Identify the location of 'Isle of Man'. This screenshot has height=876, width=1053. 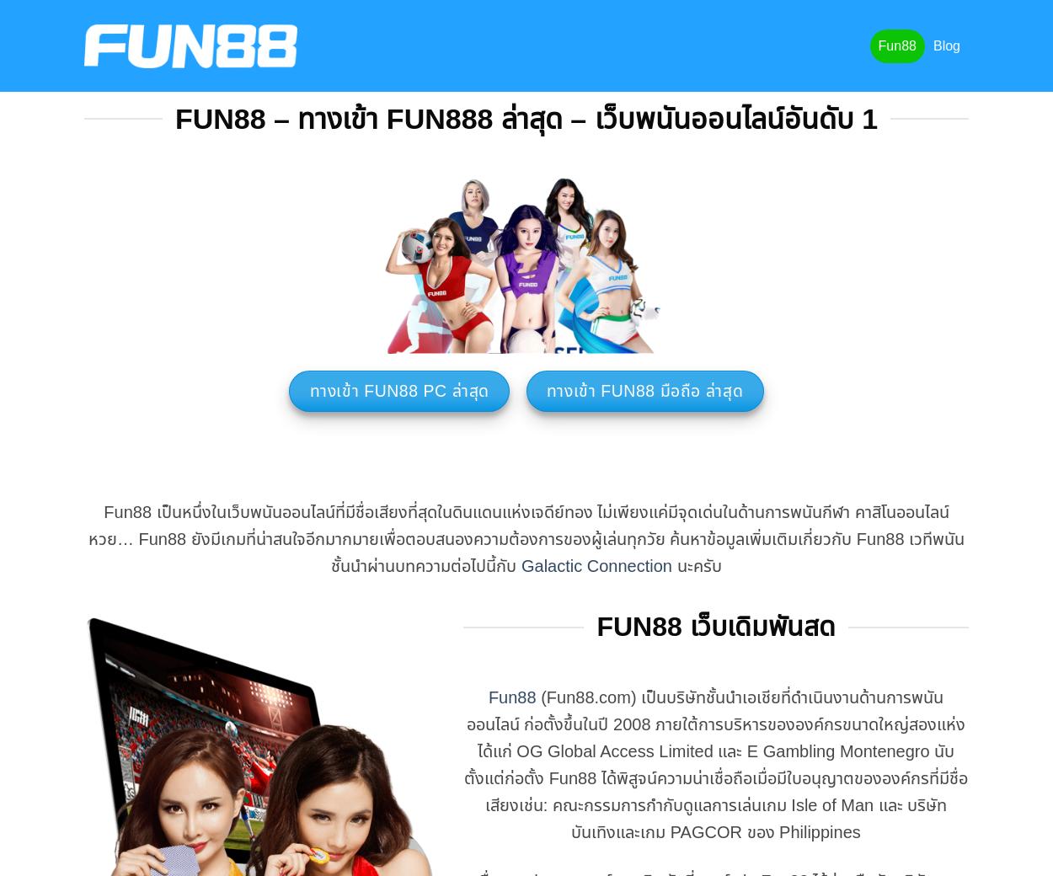
(833, 804).